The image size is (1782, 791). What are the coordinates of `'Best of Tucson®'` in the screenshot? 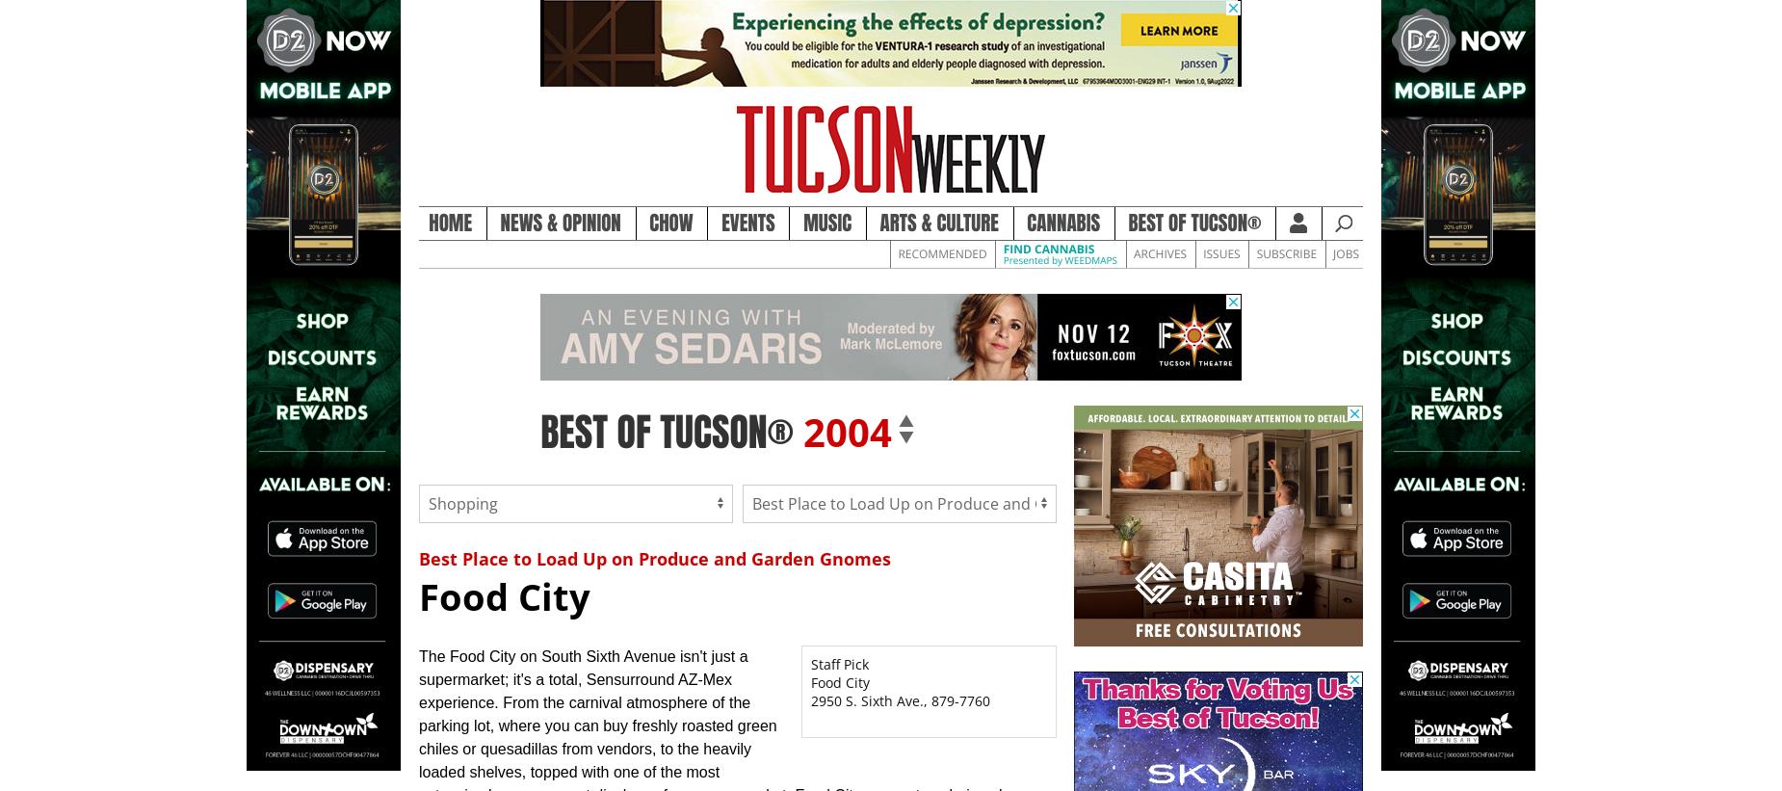 It's located at (1193, 223).